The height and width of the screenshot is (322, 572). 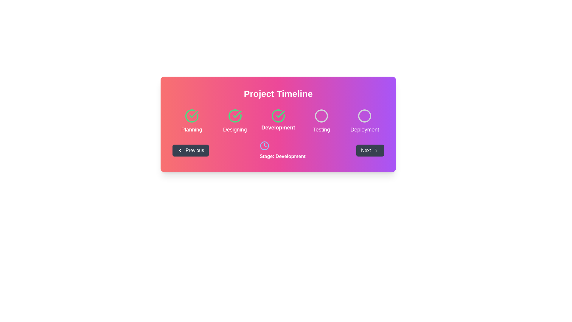 What do you see at coordinates (321, 129) in the screenshot?
I see `text content of the 'Testing' phase label within the 'Project Timeline' section under the 'Development' label` at bounding box center [321, 129].